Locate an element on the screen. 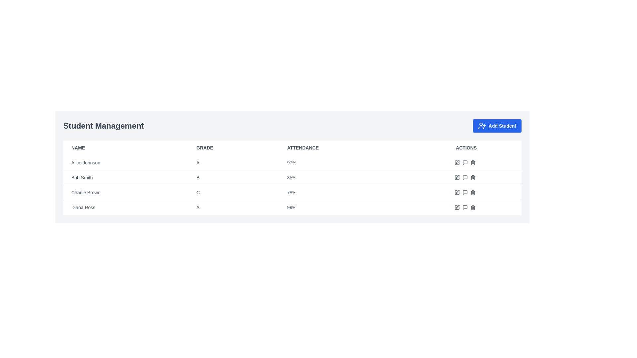 Image resolution: width=637 pixels, height=358 pixels. the small trash can icon located in the 'Actions' column of the row corresponding to 'Diana Ross' is located at coordinates (472, 207).